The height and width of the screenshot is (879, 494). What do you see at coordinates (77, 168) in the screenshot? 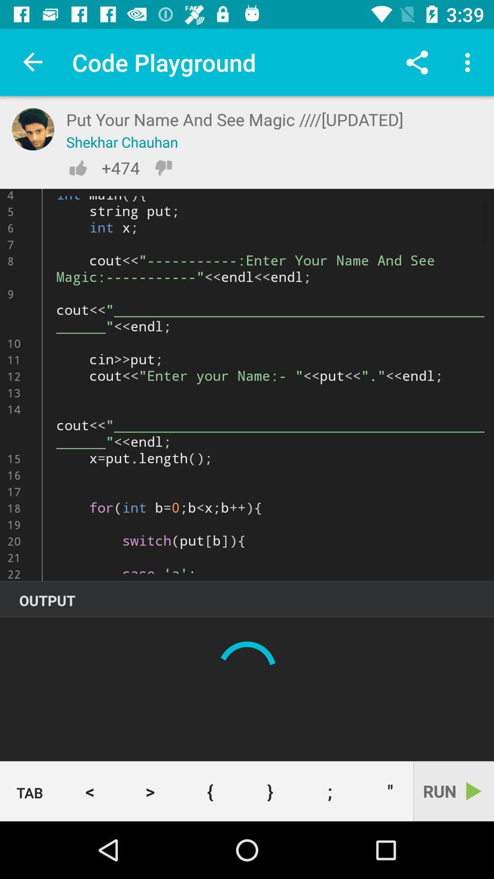
I see `like lesson` at bounding box center [77, 168].